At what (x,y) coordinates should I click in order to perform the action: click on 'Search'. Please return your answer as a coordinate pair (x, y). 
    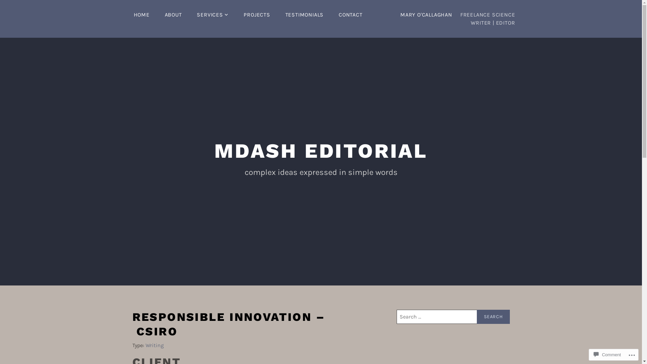
    Looking at the image, I should click on (493, 317).